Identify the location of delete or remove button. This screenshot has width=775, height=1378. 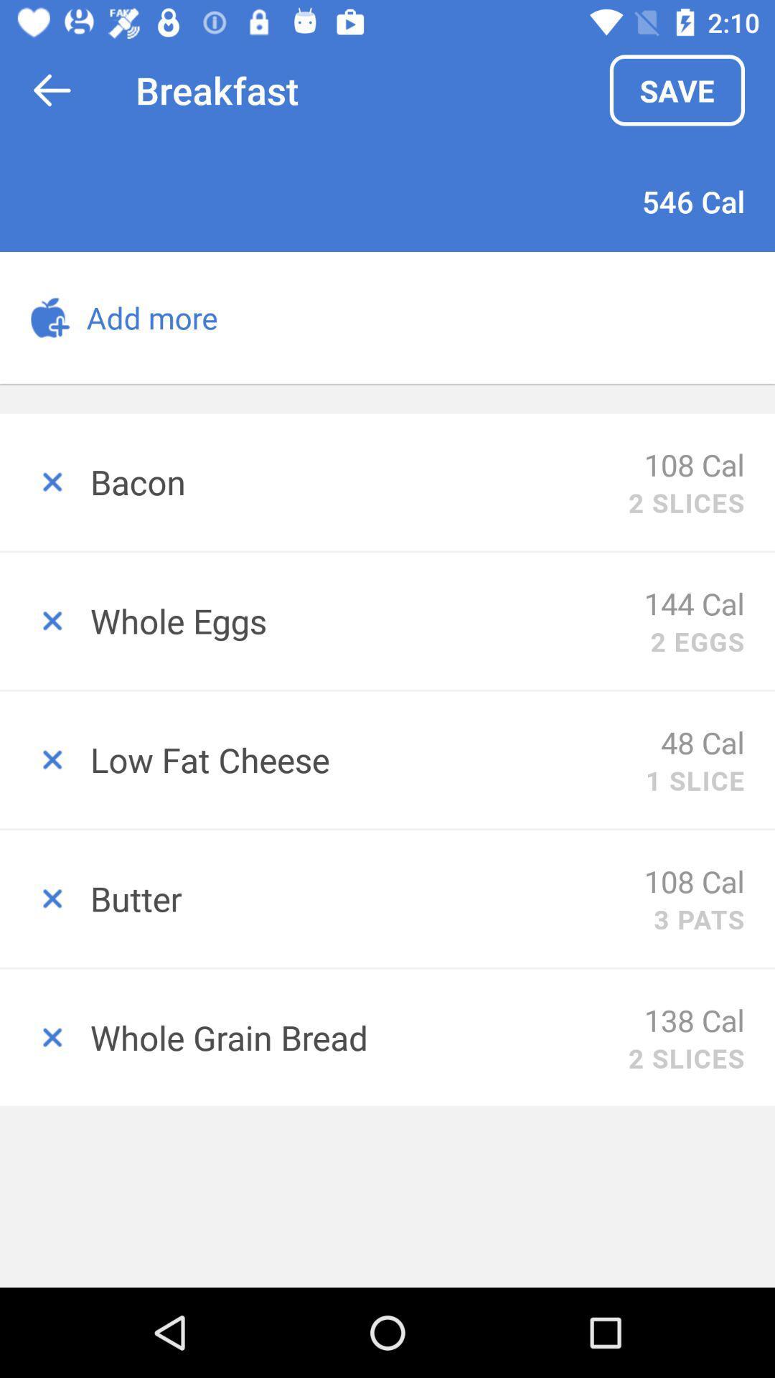
(44, 621).